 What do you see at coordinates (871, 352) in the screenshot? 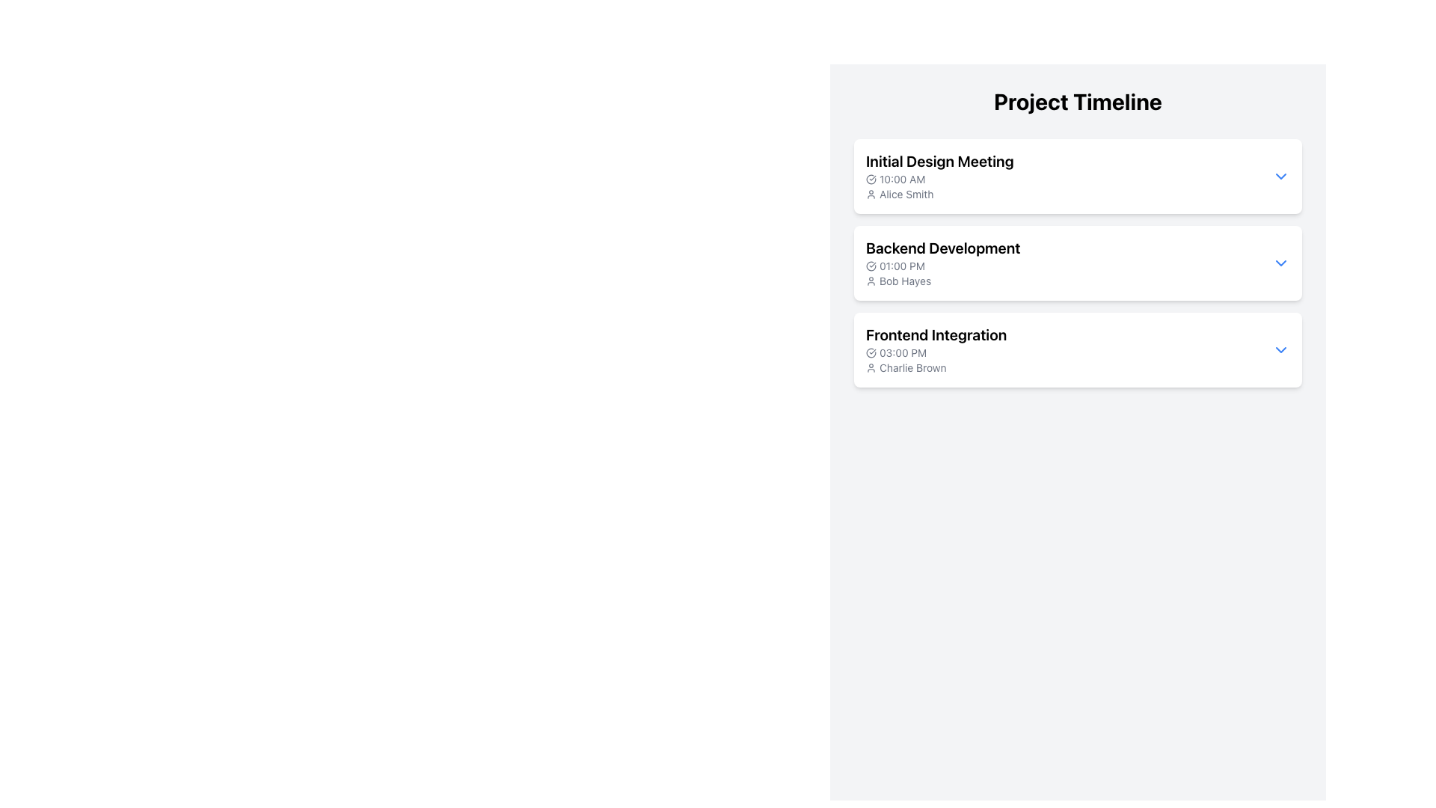
I see `the checkmark icon located to the immediate left of the time label '03:00 PM' in the 'Frontend Integration' section of the timeline list to observe any visual changes` at bounding box center [871, 352].